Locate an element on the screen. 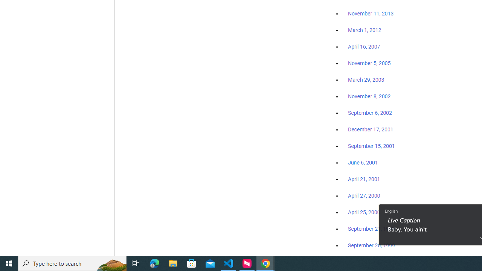 The height and width of the screenshot is (271, 482). 'Search highlights icon opens search home window' is located at coordinates (111, 263).